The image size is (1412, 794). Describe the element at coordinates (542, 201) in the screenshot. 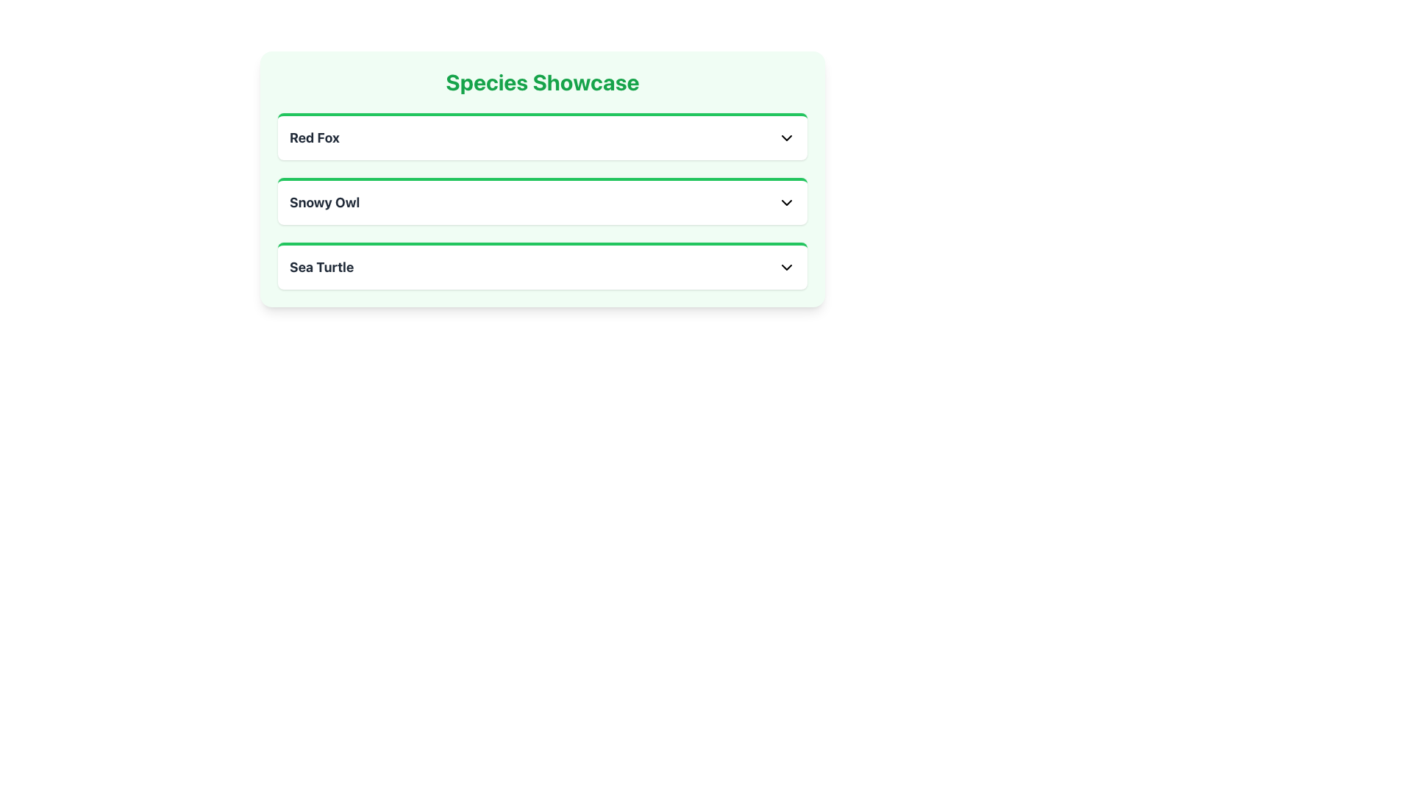

I see `the second selectable box in the 'Species Showcase' section` at that location.